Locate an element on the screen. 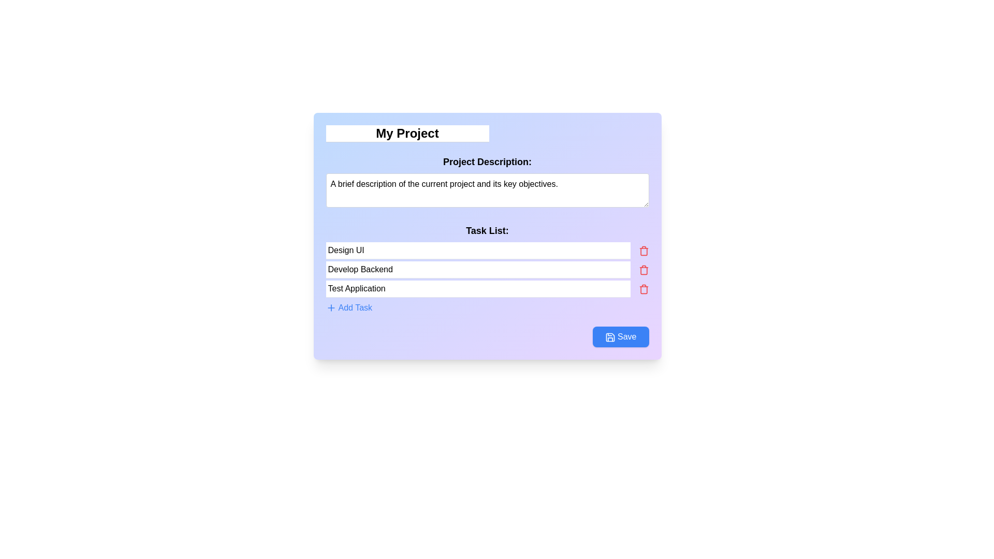  the blue 'Save' button with white text and a floppy disk icon located at the bottom-right of the 'My Project' form to change its background color is located at coordinates (621, 337).